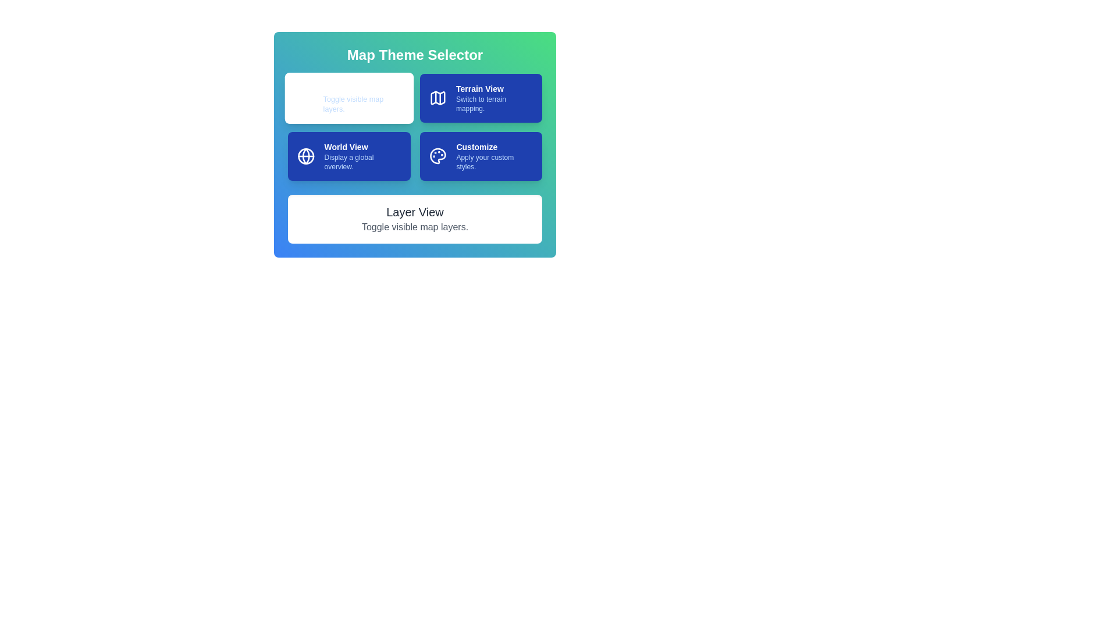 Image resolution: width=1117 pixels, height=628 pixels. I want to click on the text-label component in the bottom-right part of the 'Map Theme Selector' interface, so click(495, 156).